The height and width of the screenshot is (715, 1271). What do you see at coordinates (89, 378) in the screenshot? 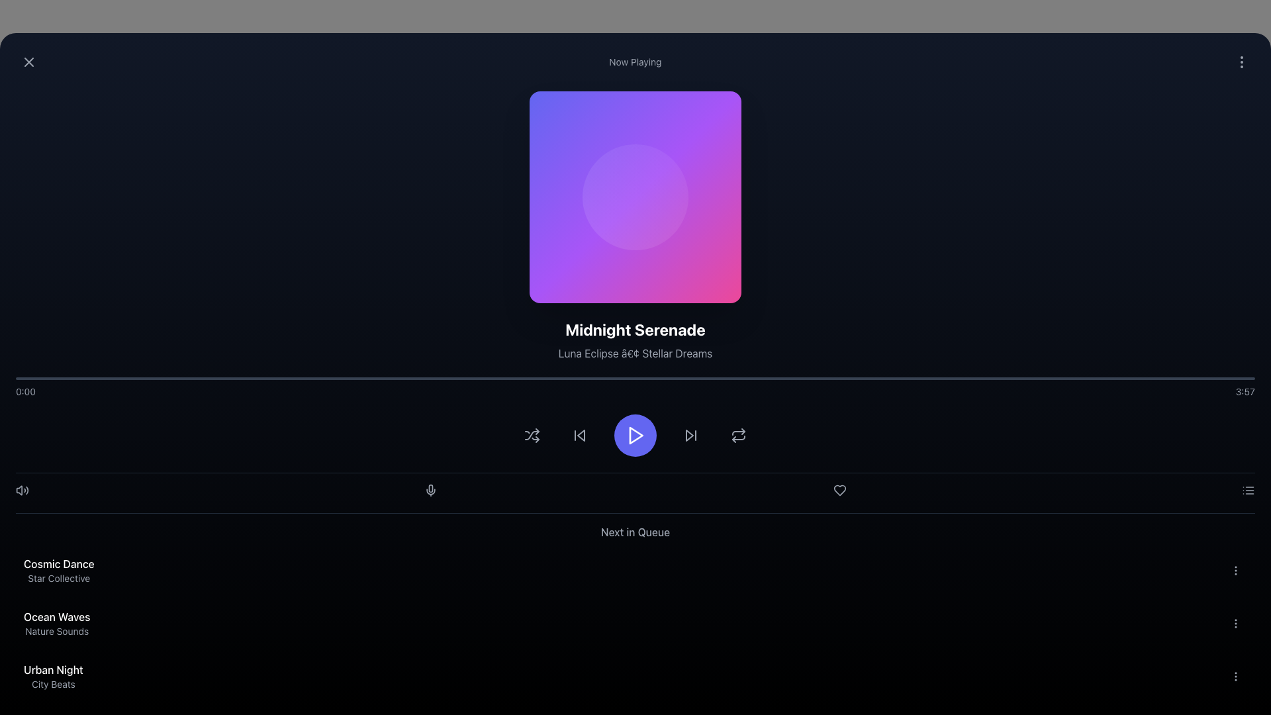
I see `the playback progress` at bounding box center [89, 378].